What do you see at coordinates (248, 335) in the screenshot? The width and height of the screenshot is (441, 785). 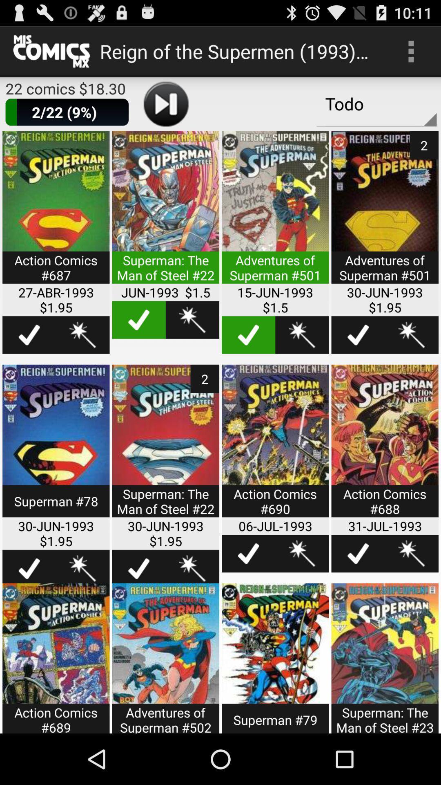 I see `remove the check from the option` at bounding box center [248, 335].